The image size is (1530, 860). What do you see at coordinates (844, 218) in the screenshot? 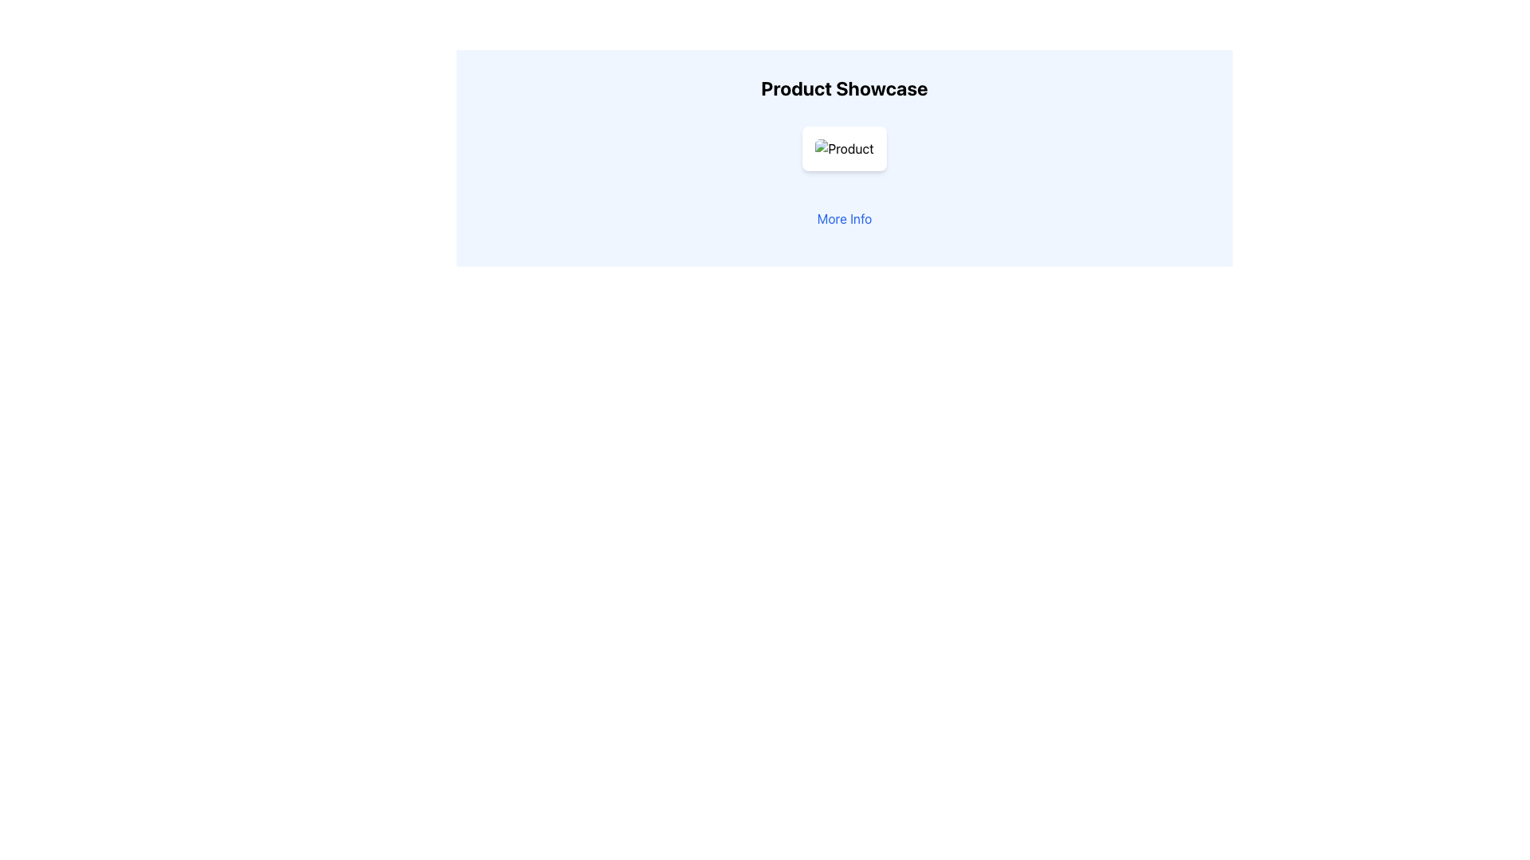
I see `the interactive text link labeled 'More Info'` at bounding box center [844, 218].